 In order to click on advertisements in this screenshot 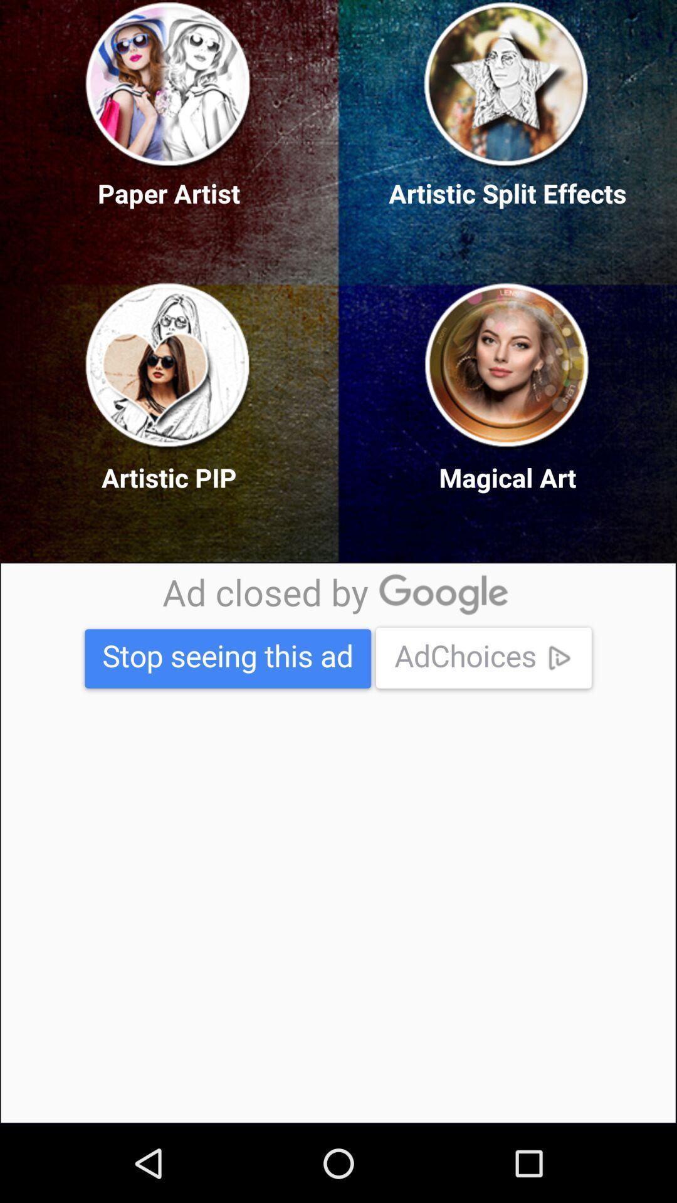, I will do `click(337, 843)`.